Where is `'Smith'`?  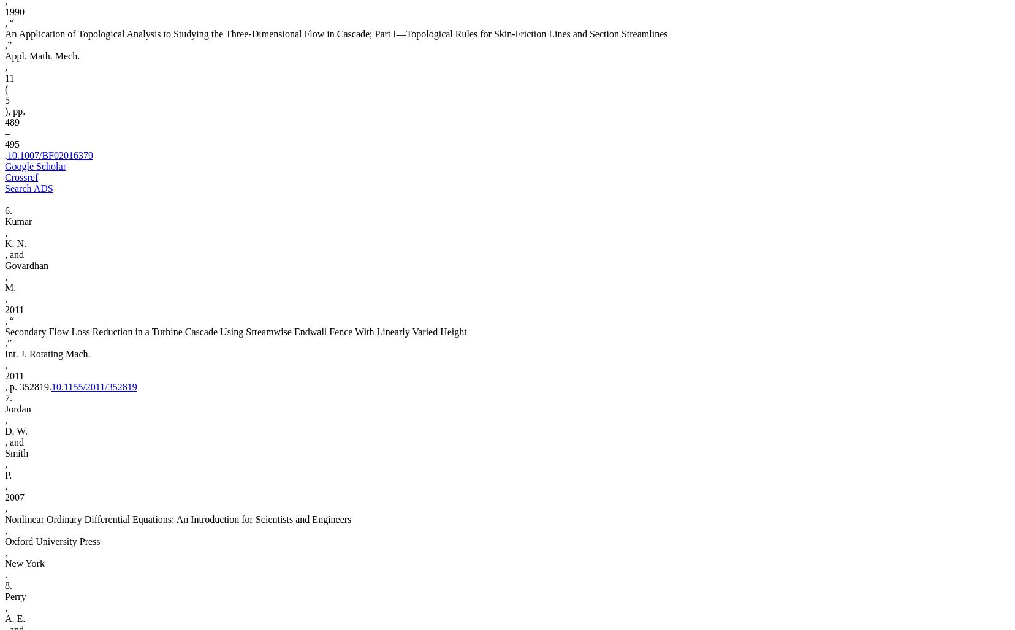
'Smith' is located at coordinates (15, 452).